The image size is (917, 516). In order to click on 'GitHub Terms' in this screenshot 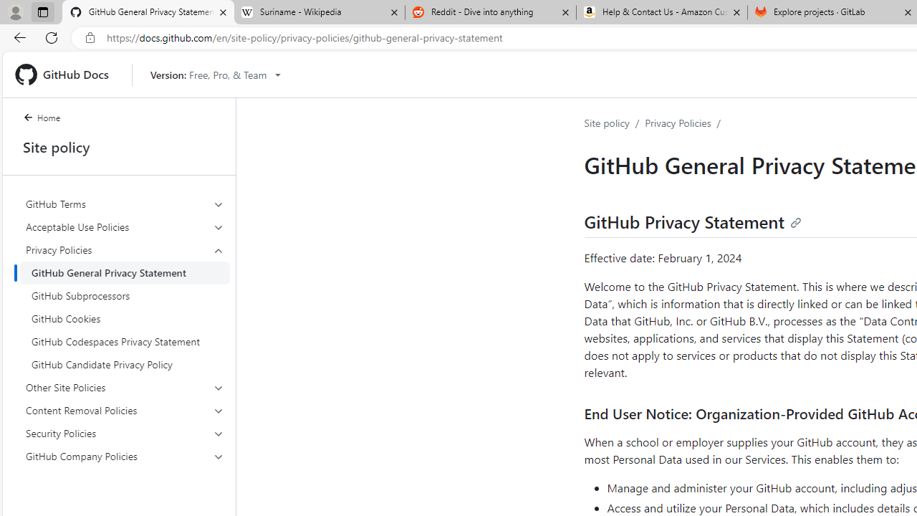, I will do `click(125, 204)`.